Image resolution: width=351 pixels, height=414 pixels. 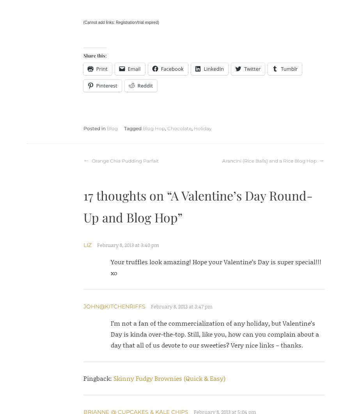 What do you see at coordinates (94, 55) in the screenshot?
I see `'Share this:'` at bounding box center [94, 55].